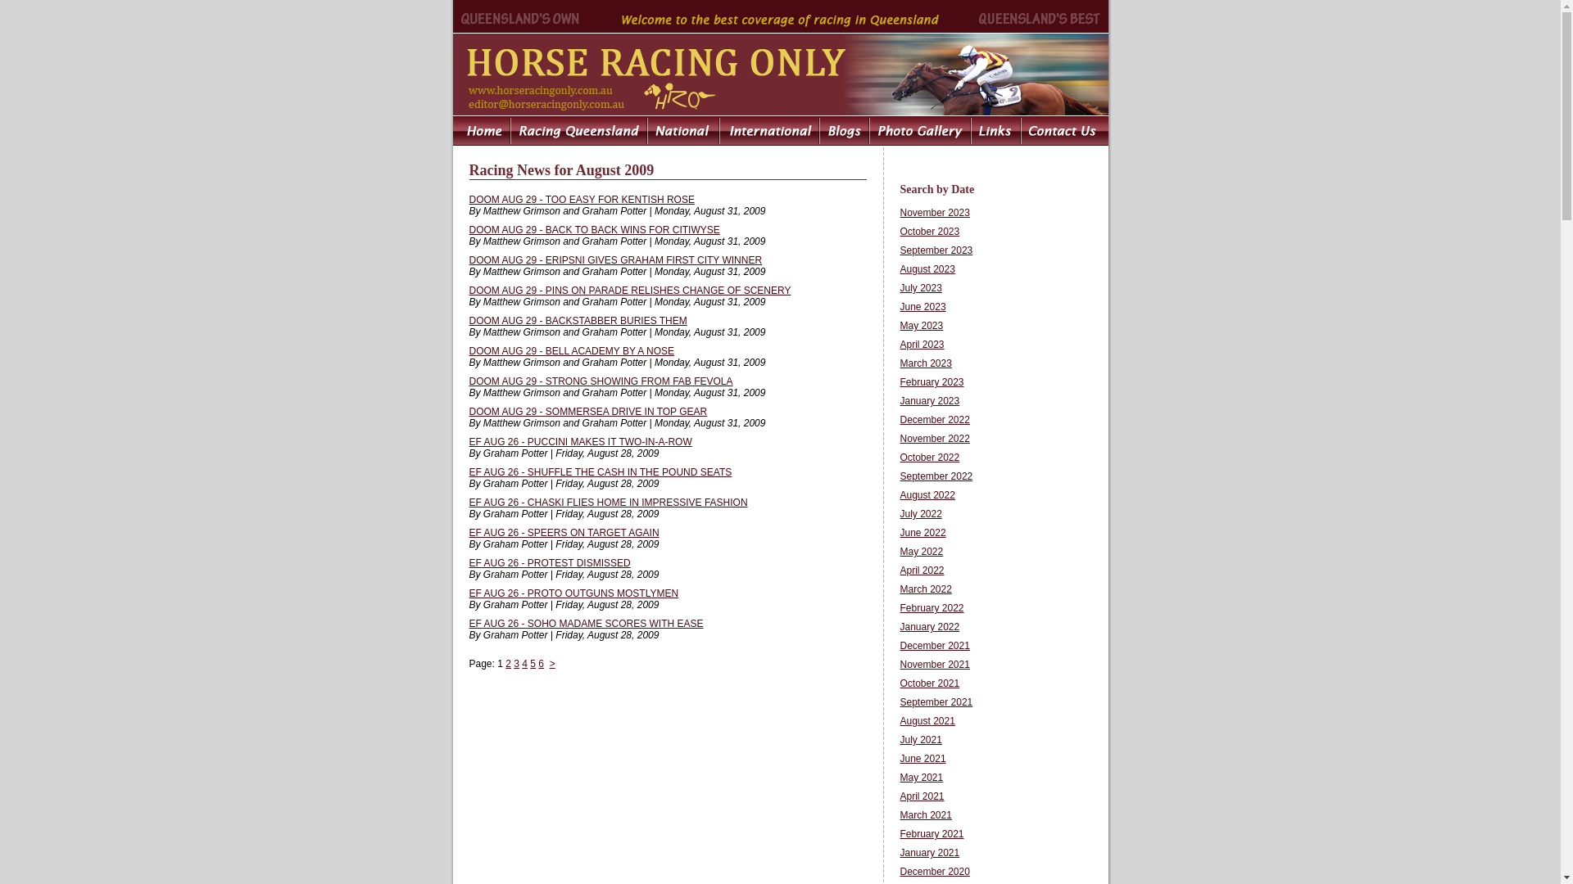 This screenshot has width=1573, height=884. I want to click on 'August 2022', so click(927, 494).